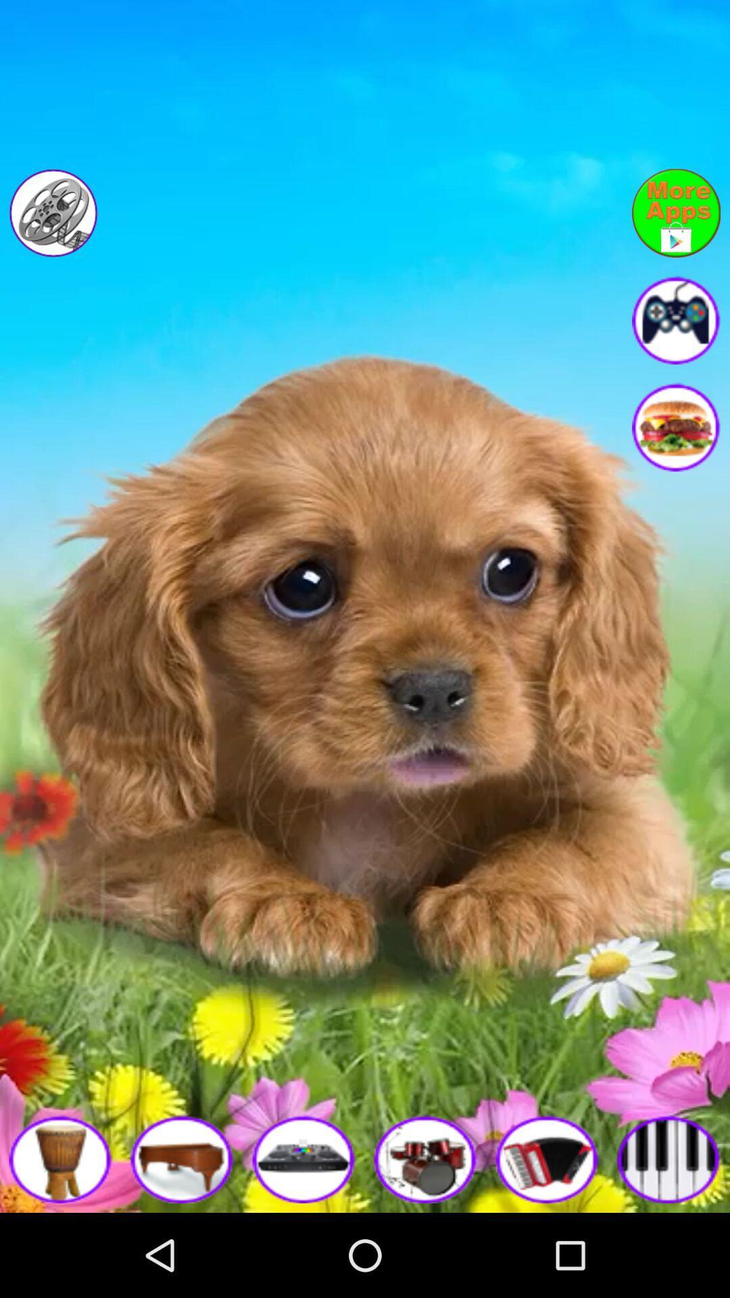 The width and height of the screenshot is (730, 1298). Describe the element at coordinates (59, 1158) in the screenshot. I see `instrument` at that location.